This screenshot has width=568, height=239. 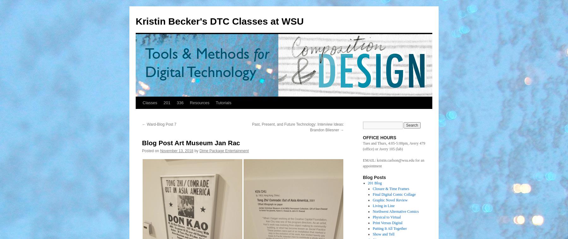 What do you see at coordinates (379, 138) in the screenshot?
I see `'OFFICE HOURS'` at bounding box center [379, 138].